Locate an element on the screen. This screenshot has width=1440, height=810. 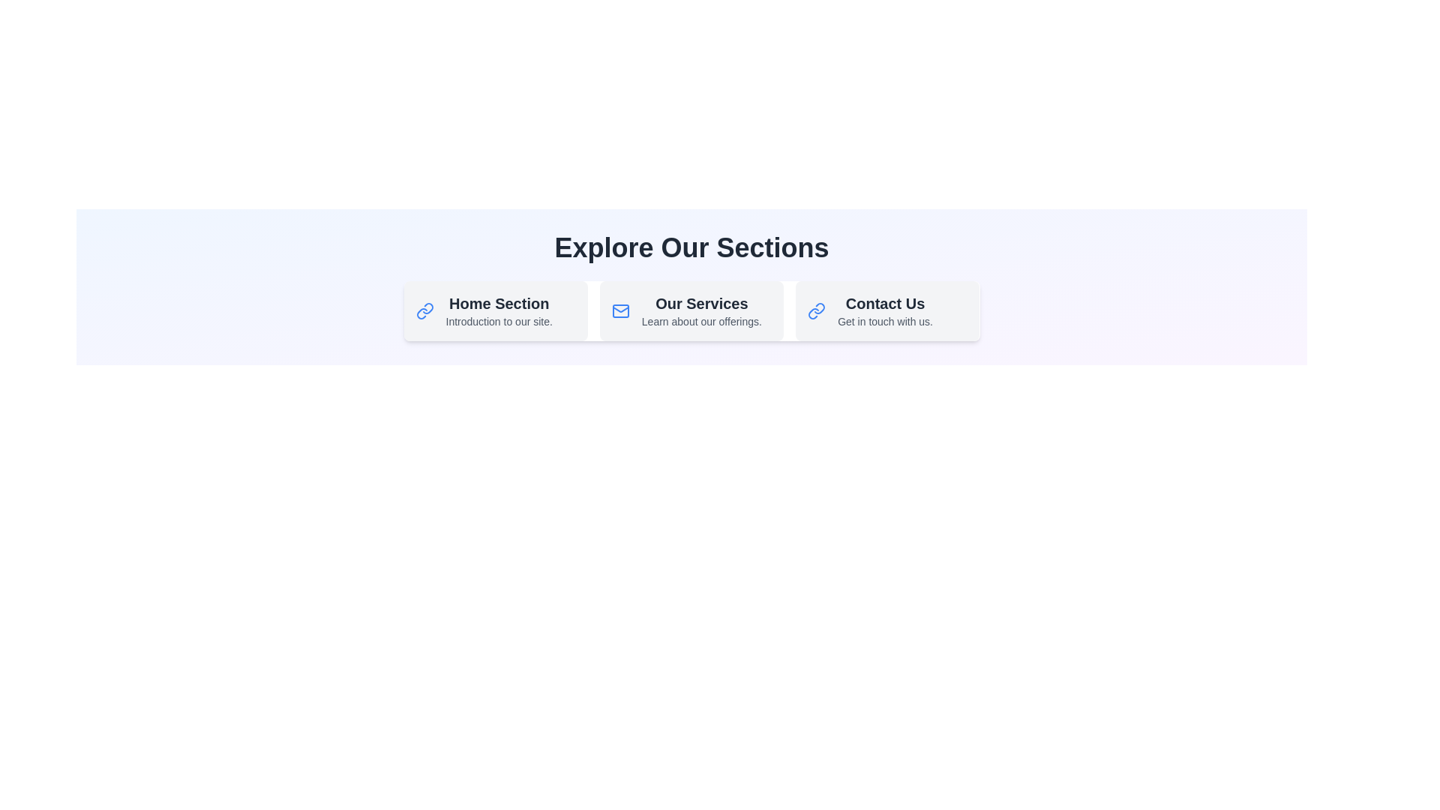
the blue link icon resembling a chain, located to the left of the 'Contact Us' title in the 'Contact Us' card is located at coordinates (816, 310).